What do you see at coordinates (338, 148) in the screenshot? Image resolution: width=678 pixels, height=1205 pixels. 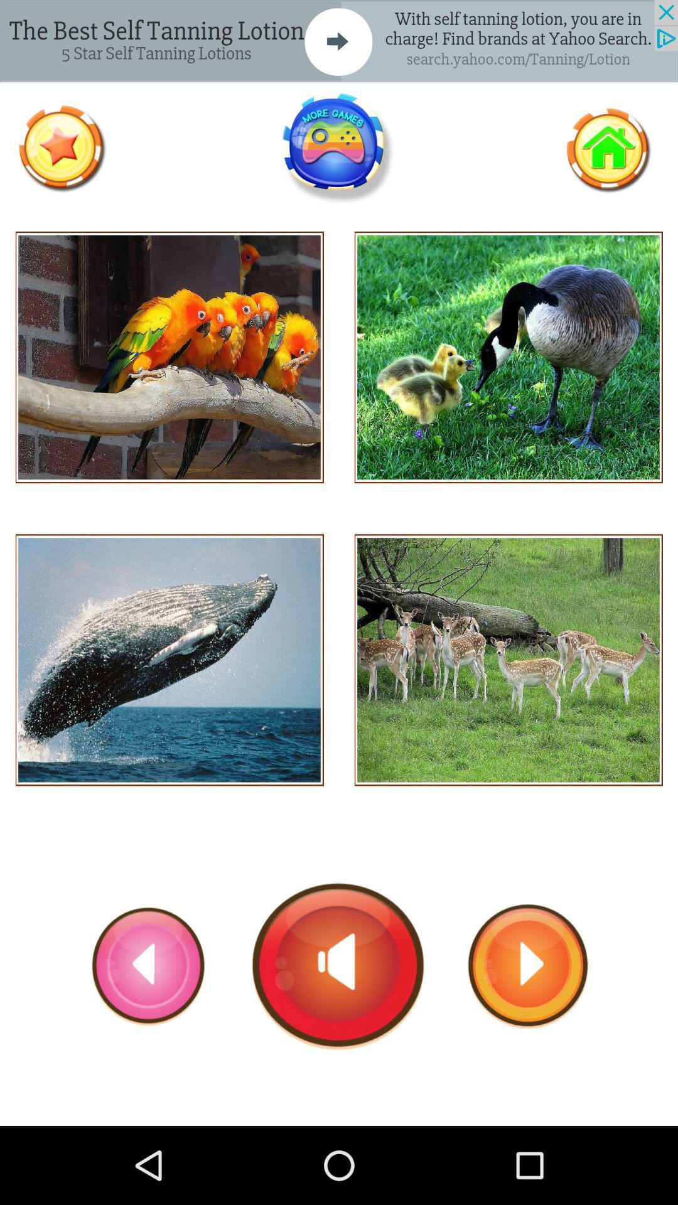 I see `advertisement` at bounding box center [338, 148].